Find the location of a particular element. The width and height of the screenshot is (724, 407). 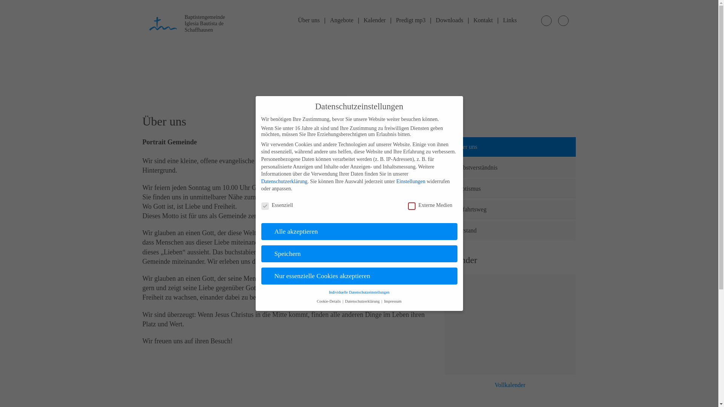

'Links' is located at coordinates (510, 20).